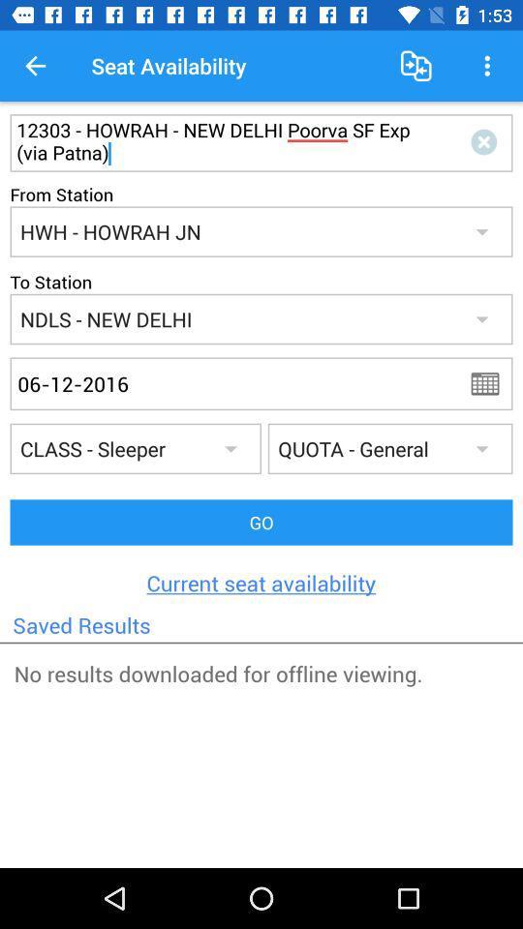 The width and height of the screenshot is (523, 929). Describe the element at coordinates (486, 141) in the screenshot. I see `erase all writing` at that location.